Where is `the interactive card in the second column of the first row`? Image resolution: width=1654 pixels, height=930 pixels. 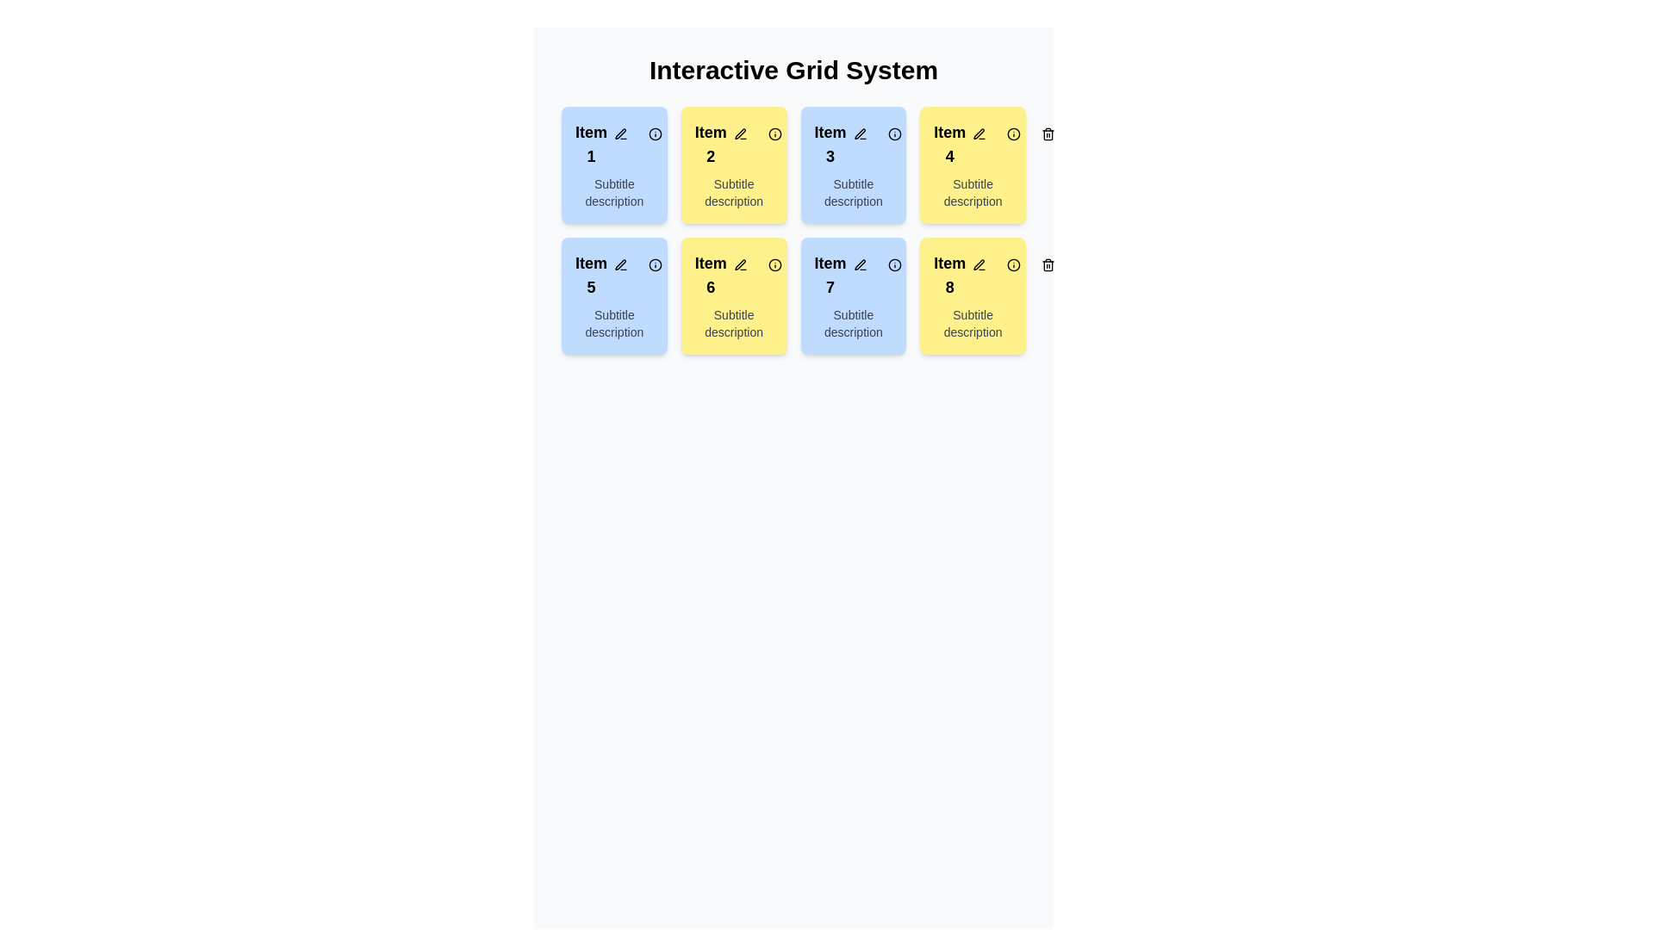 the interactive card in the second column of the first row is located at coordinates (734, 165).